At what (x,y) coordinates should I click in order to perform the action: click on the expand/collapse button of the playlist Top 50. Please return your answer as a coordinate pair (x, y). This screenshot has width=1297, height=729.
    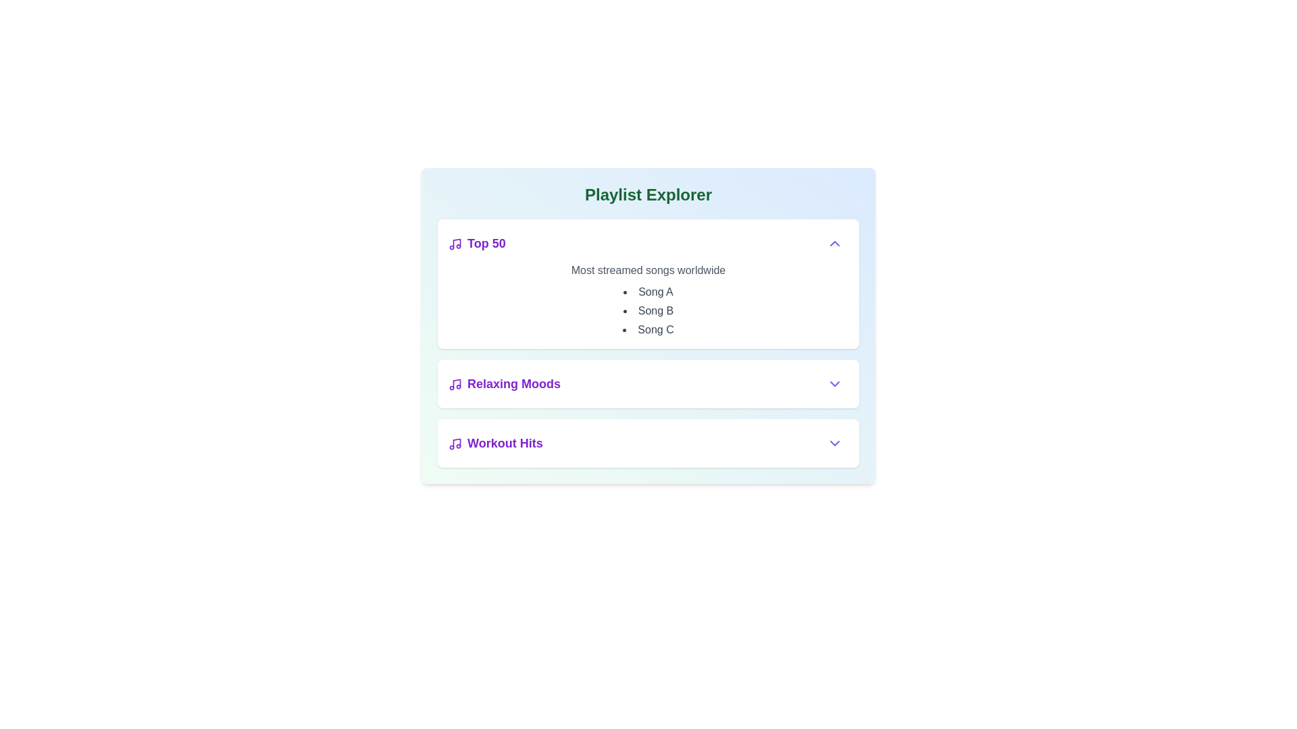
    Looking at the image, I should click on (834, 244).